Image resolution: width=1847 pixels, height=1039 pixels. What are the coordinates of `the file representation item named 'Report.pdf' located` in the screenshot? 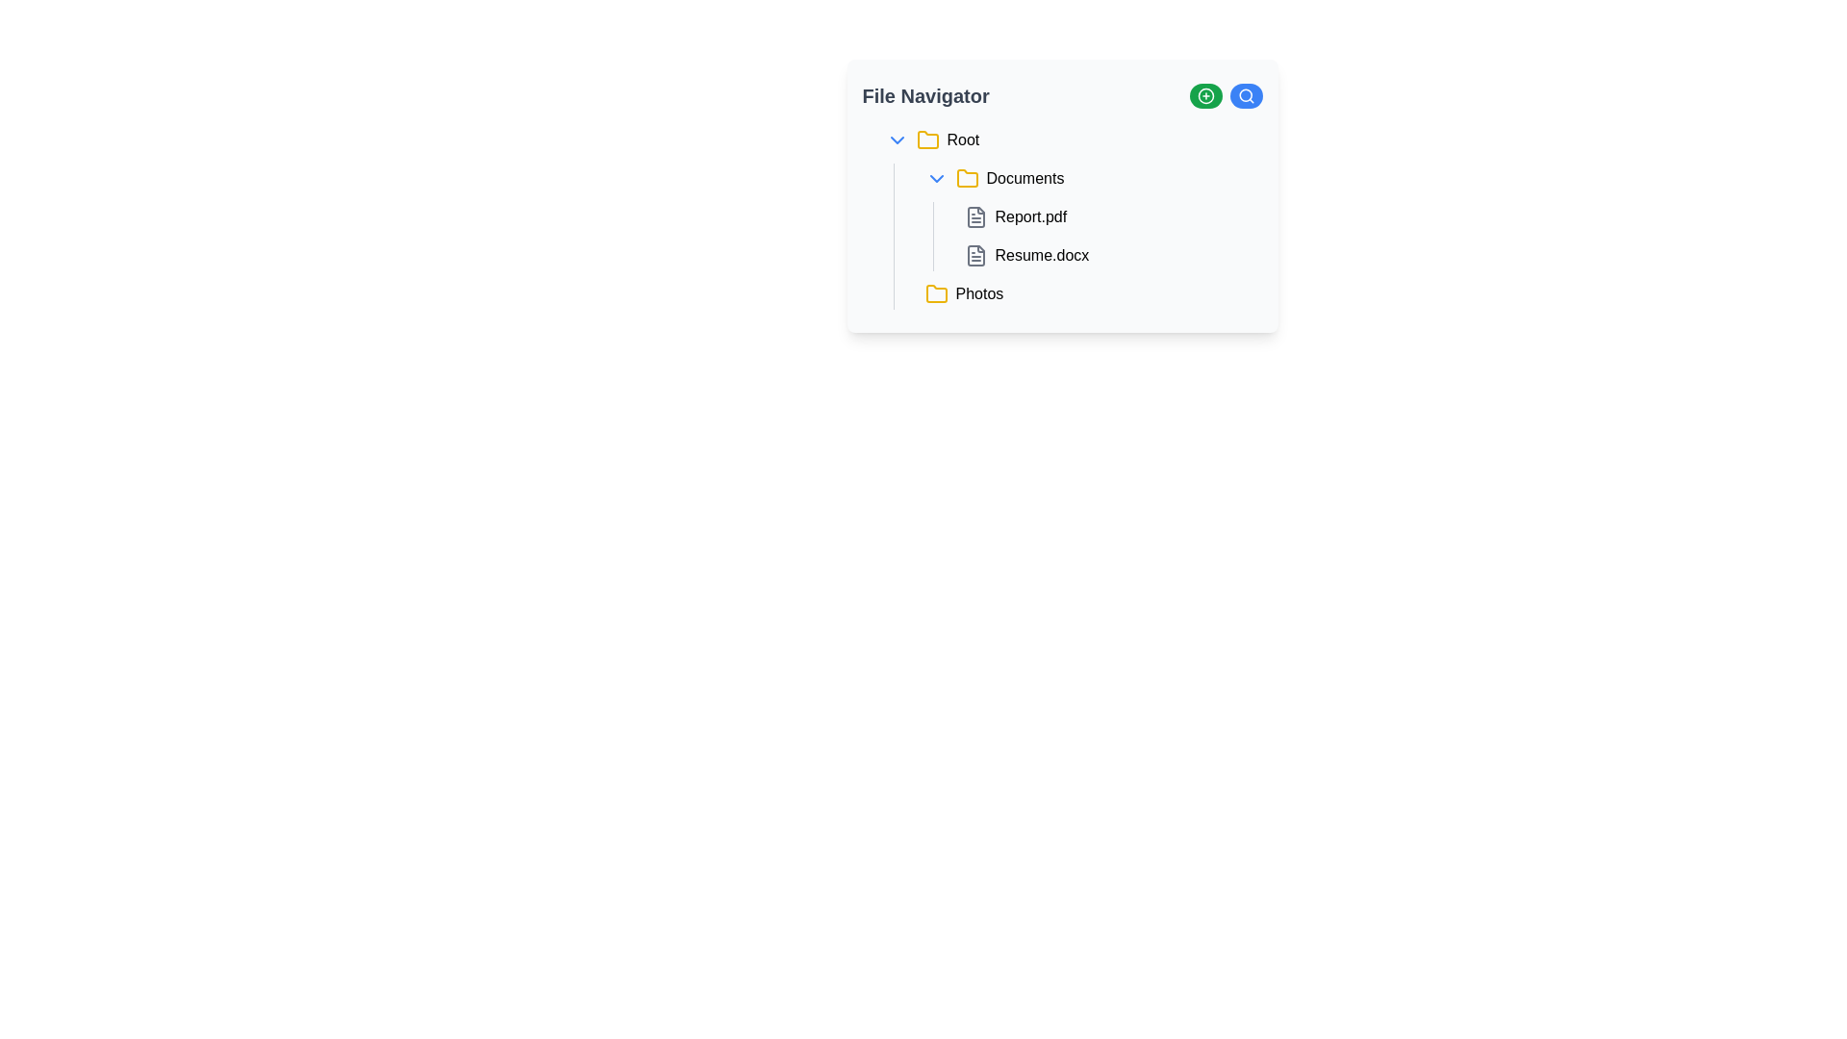 It's located at (1089, 216).